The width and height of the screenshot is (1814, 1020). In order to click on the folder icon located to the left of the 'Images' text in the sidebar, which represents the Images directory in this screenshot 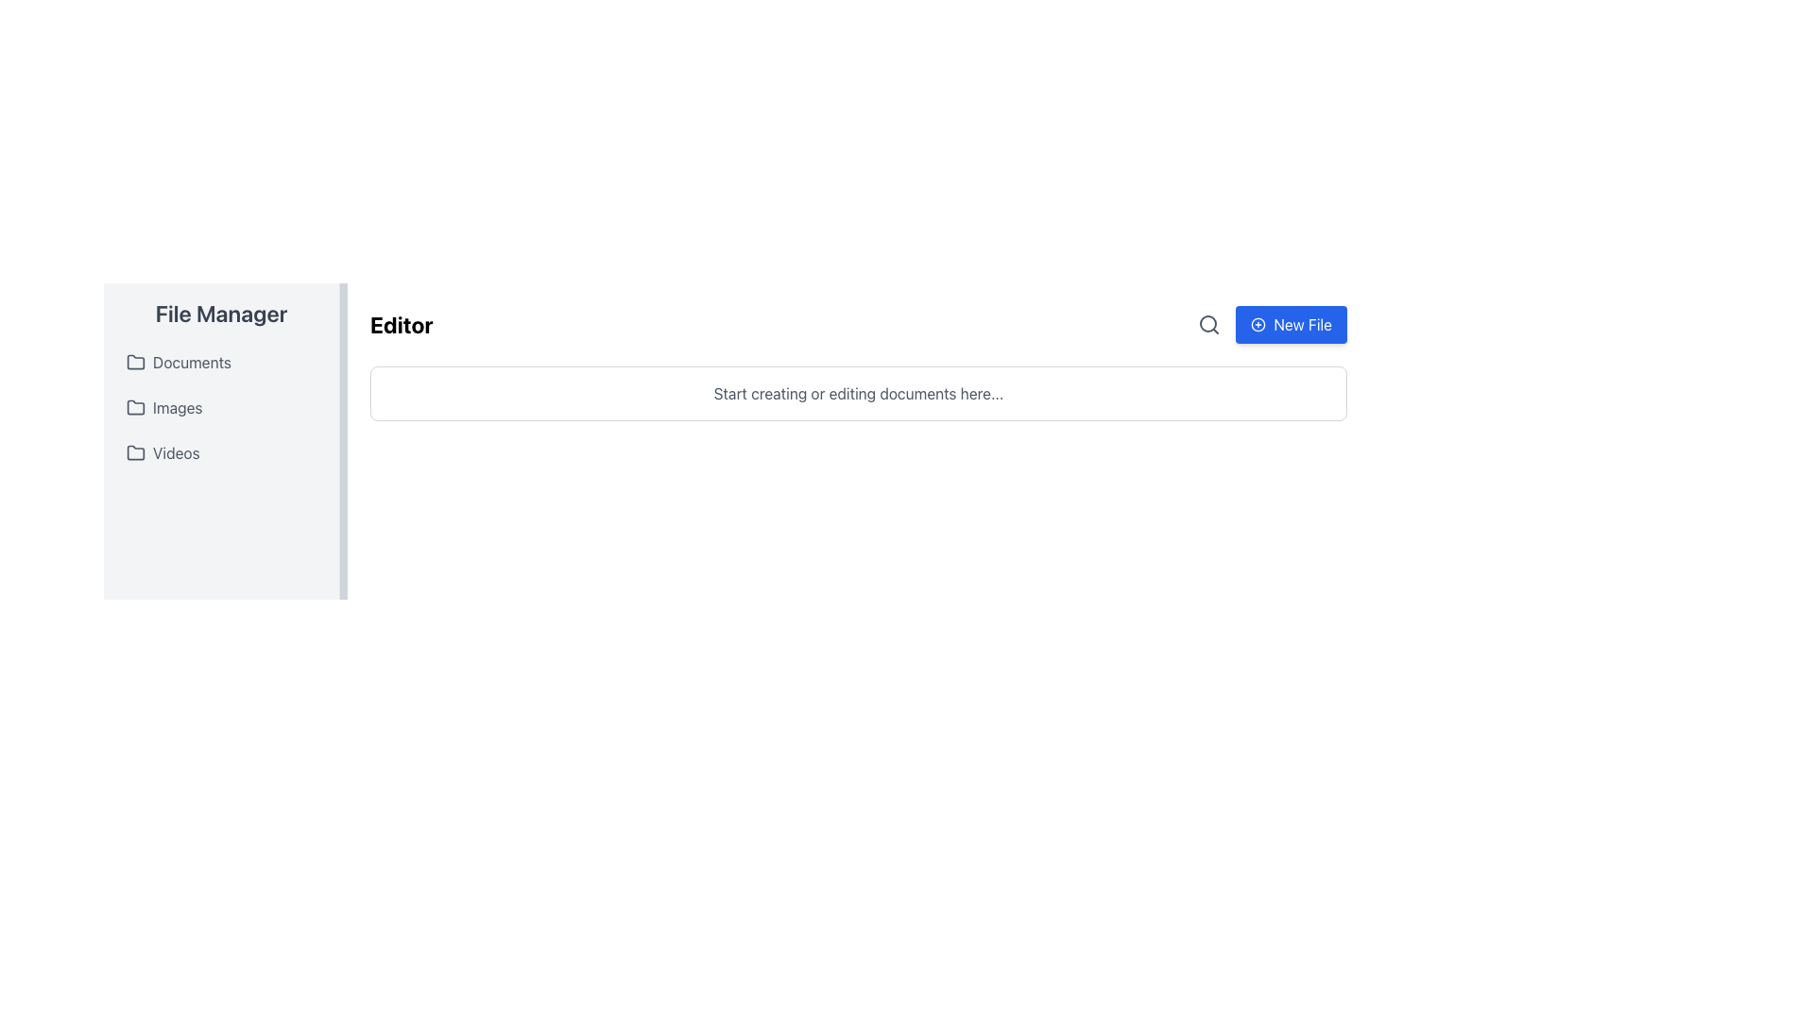, I will do `click(135, 407)`.